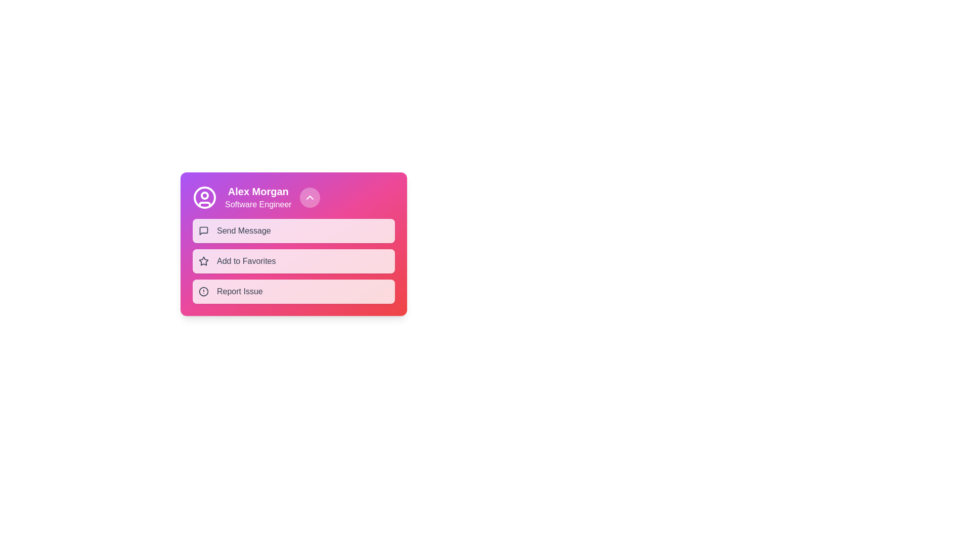 This screenshot has height=546, width=971. What do you see at coordinates (293, 260) in the screenshot?
I see `the interactive button that allows the user to mark or unmark an item as a favorite, which is the second button in a vertical stack, positioned below the 'Send Message' button and above the 'Report Issue' button` at bounding box center [293, 260].